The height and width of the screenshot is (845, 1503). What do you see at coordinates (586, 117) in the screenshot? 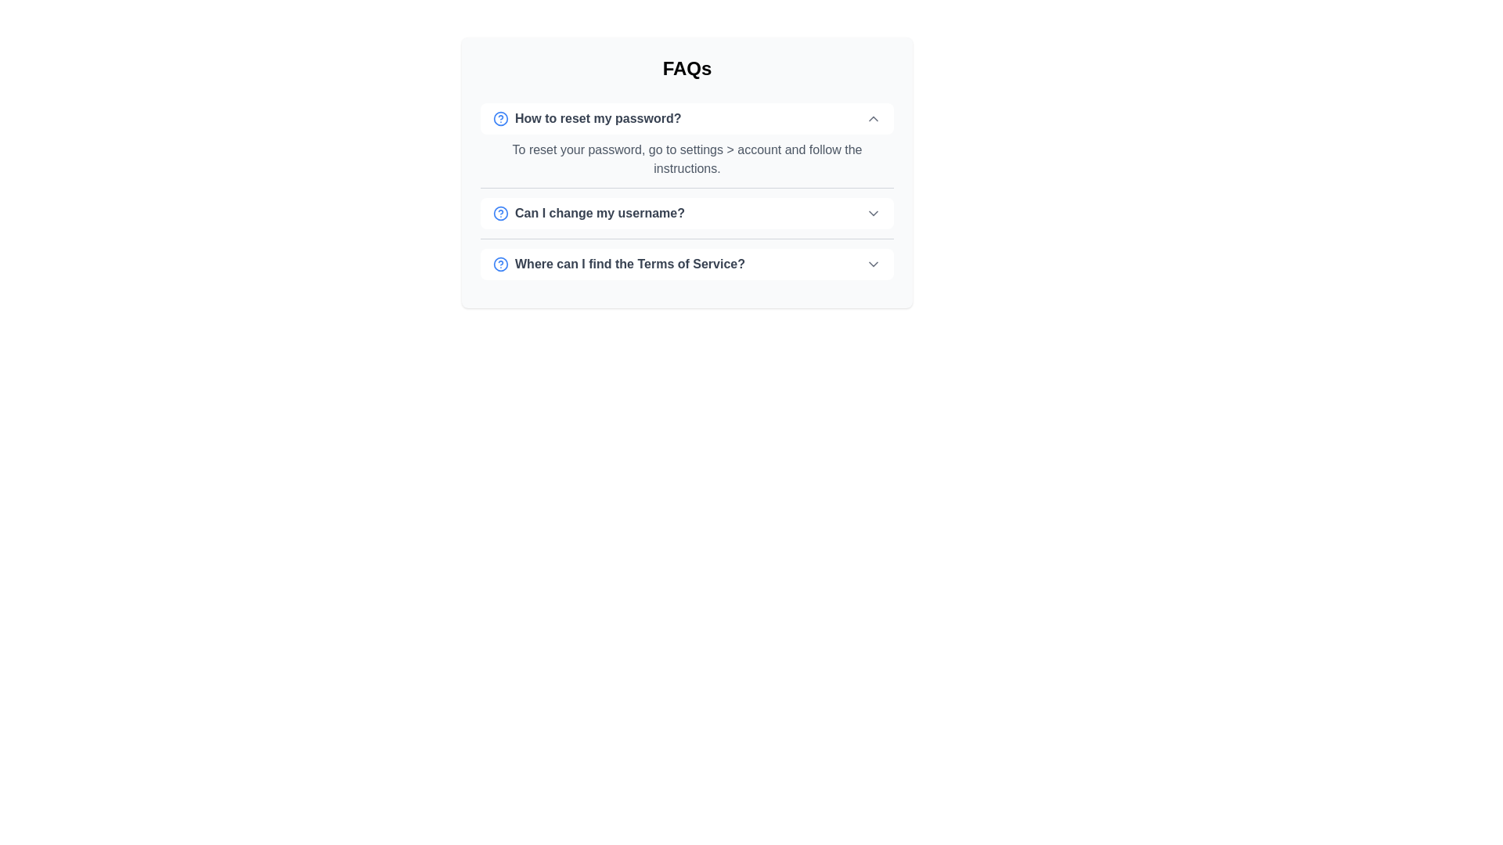
I see `the first question in the FAQ section` at bounding box center [586, 117].